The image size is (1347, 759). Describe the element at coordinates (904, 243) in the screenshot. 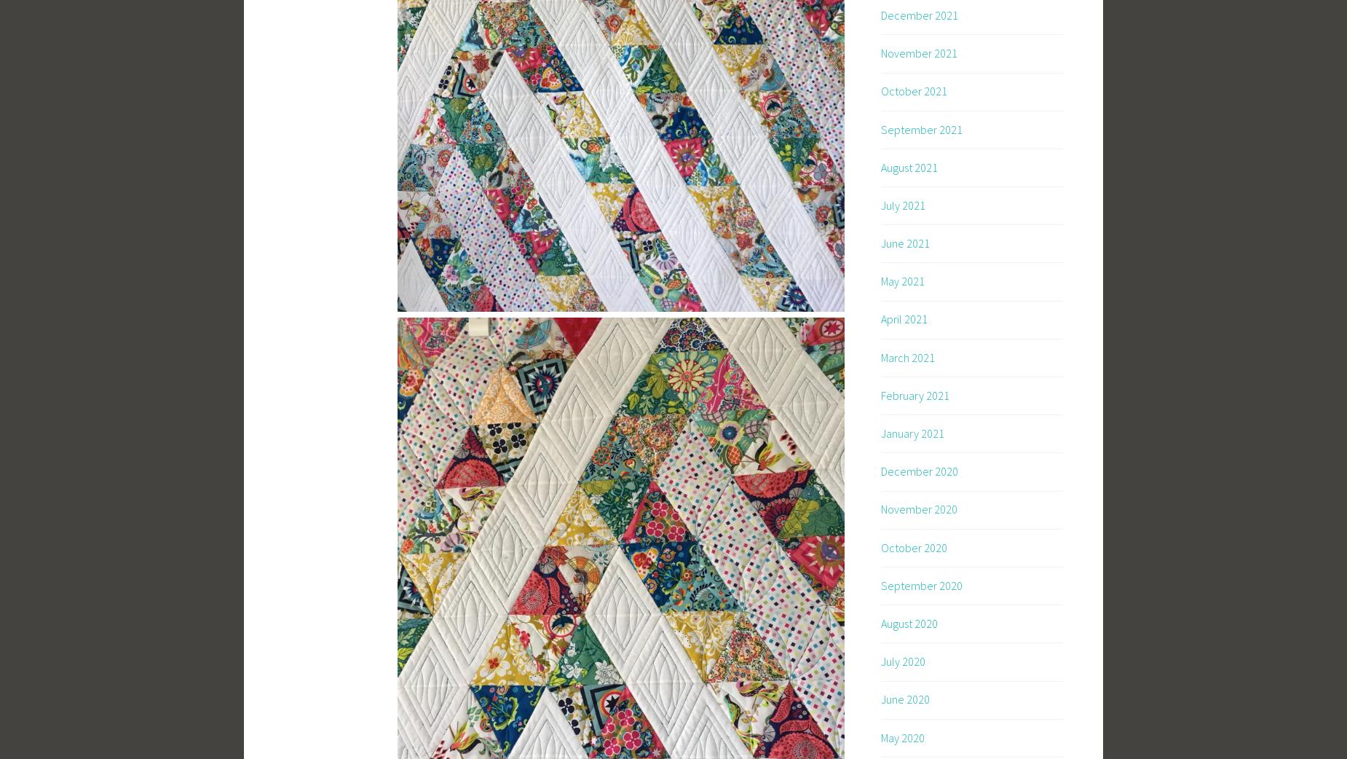

I see `'June 2021'` at that location.